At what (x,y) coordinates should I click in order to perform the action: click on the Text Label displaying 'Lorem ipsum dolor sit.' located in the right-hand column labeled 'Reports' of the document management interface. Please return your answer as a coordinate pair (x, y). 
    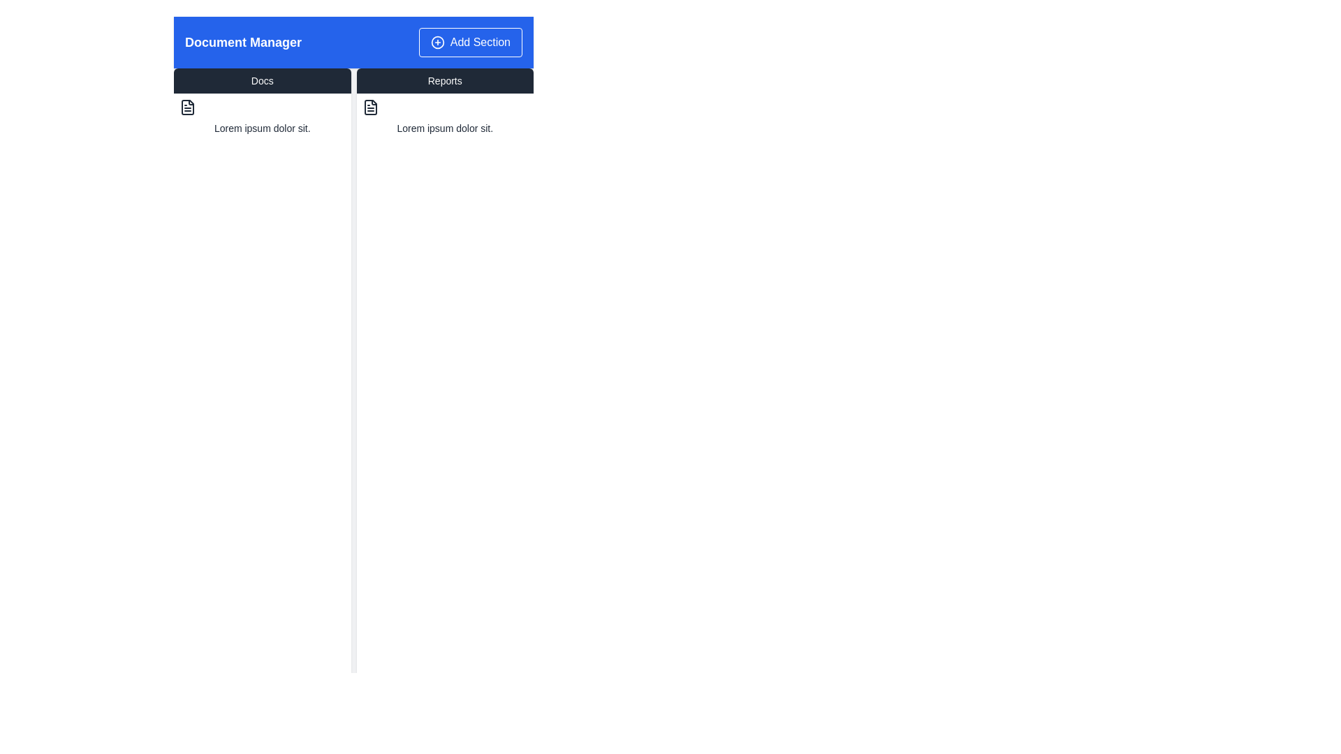
    Looking at the image, I should click on (444, 128).